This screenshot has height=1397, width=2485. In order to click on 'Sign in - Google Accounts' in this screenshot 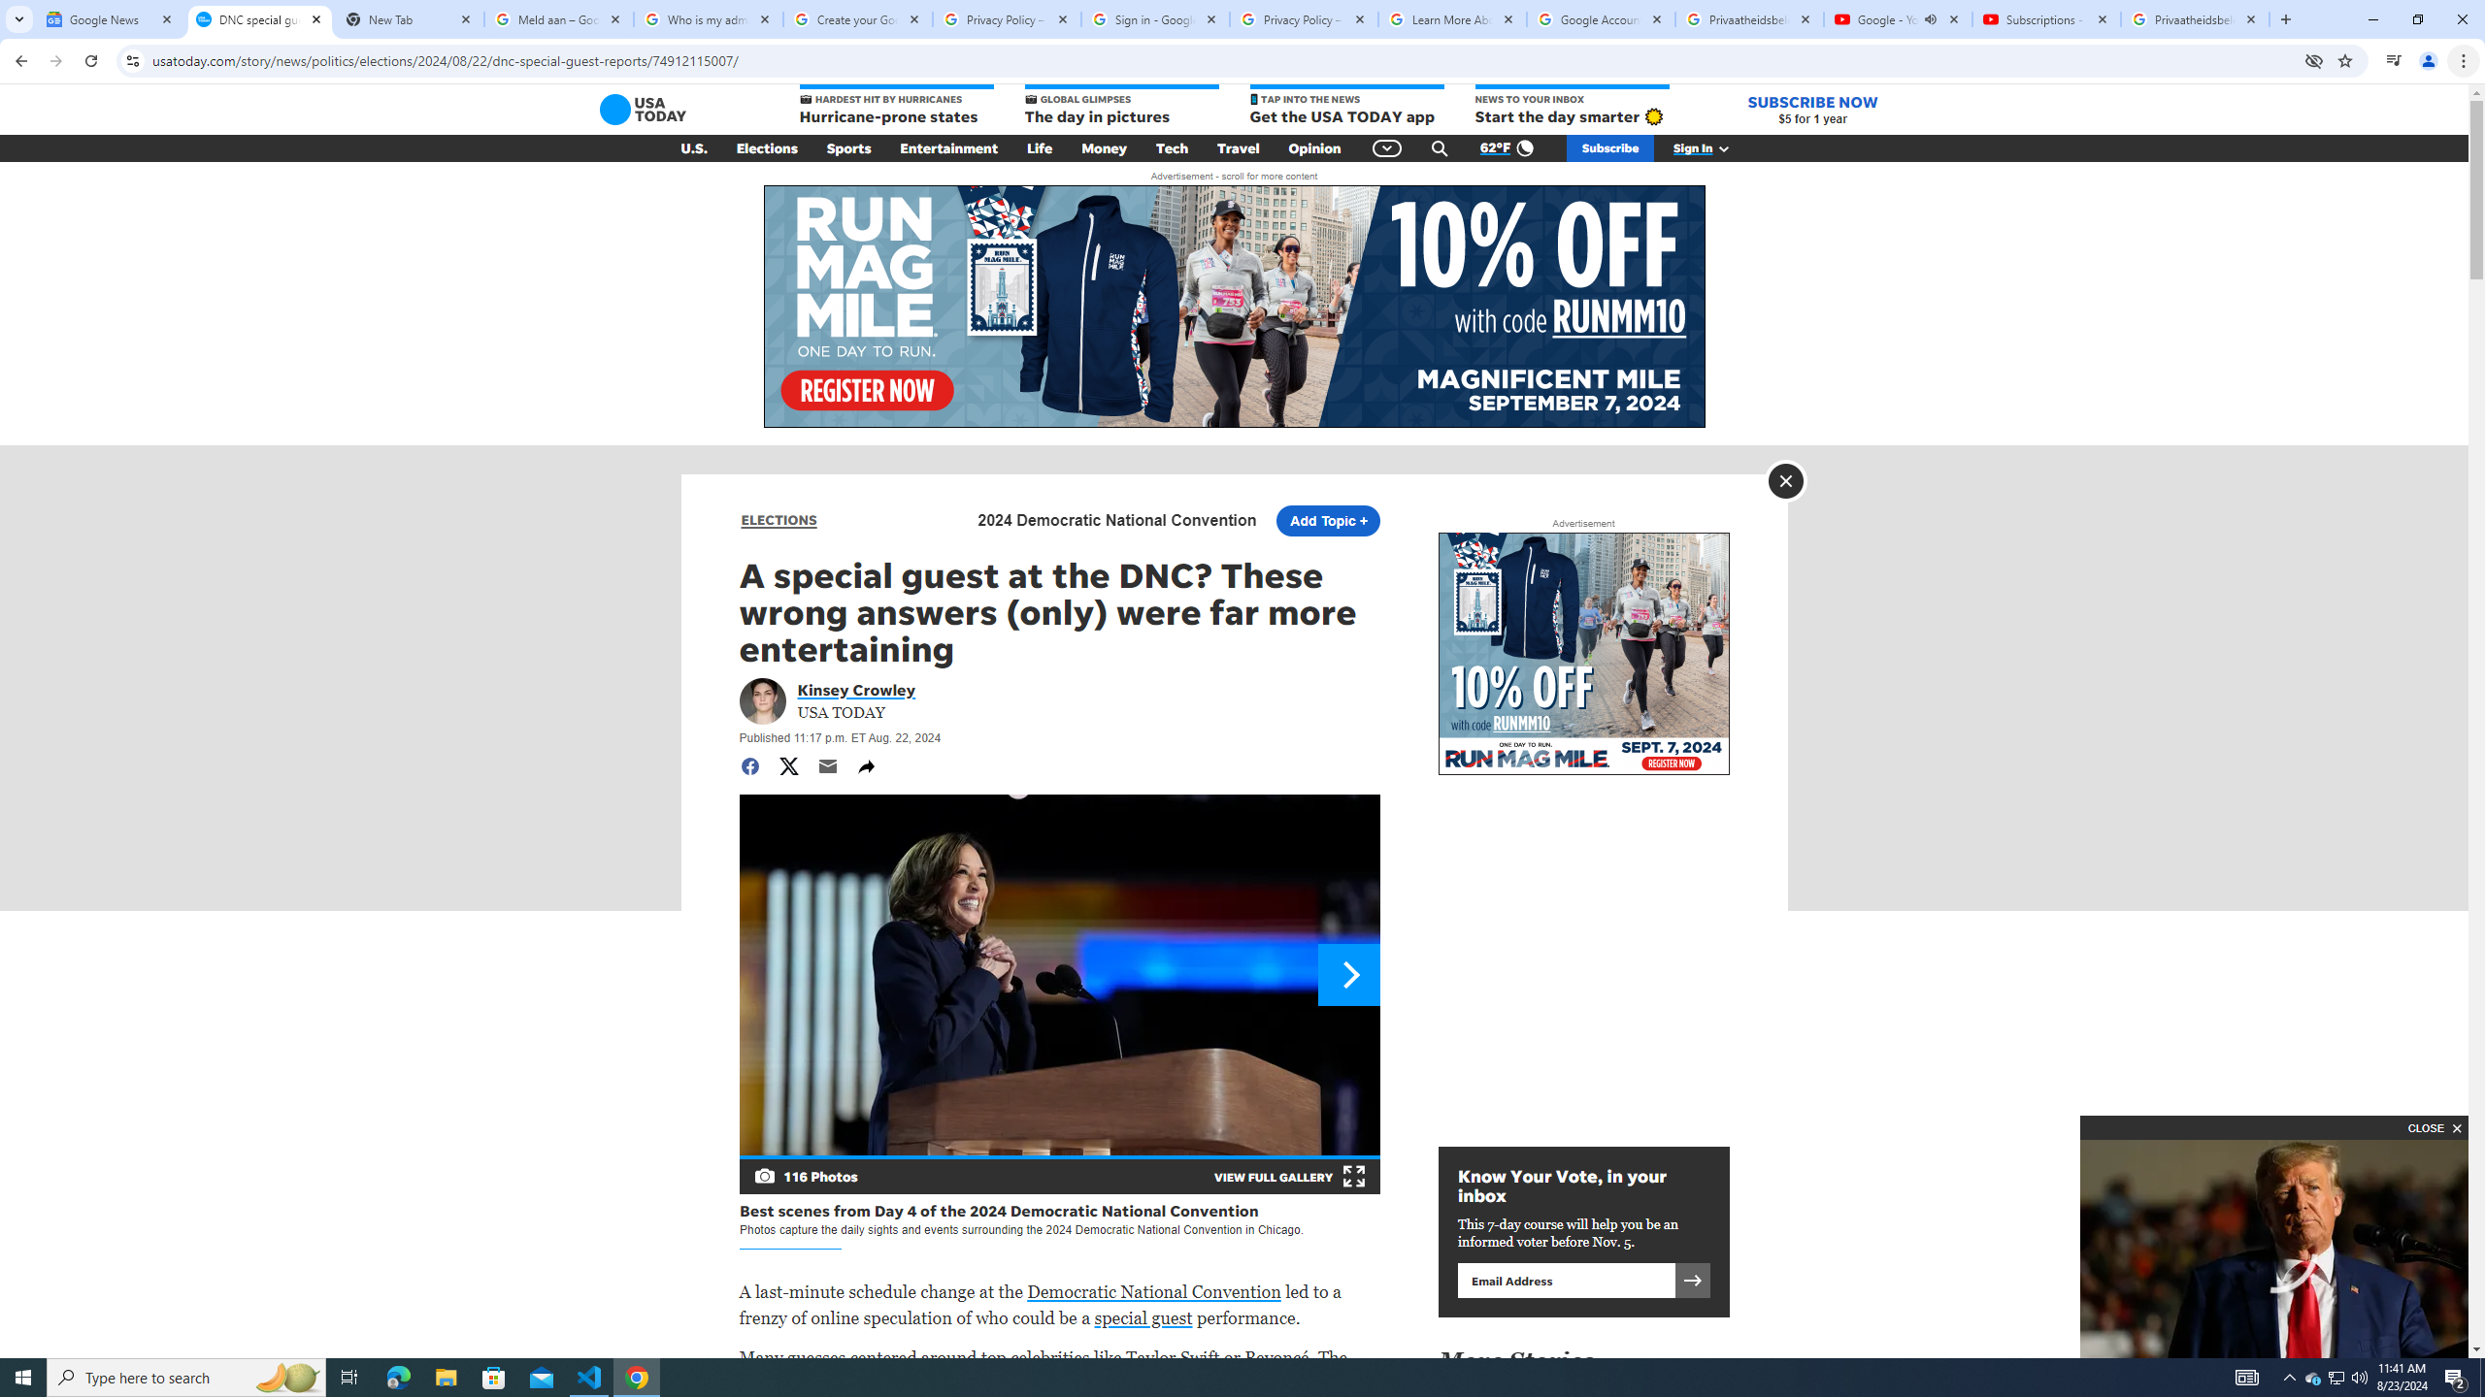, I will do `click(1155, 18)`.